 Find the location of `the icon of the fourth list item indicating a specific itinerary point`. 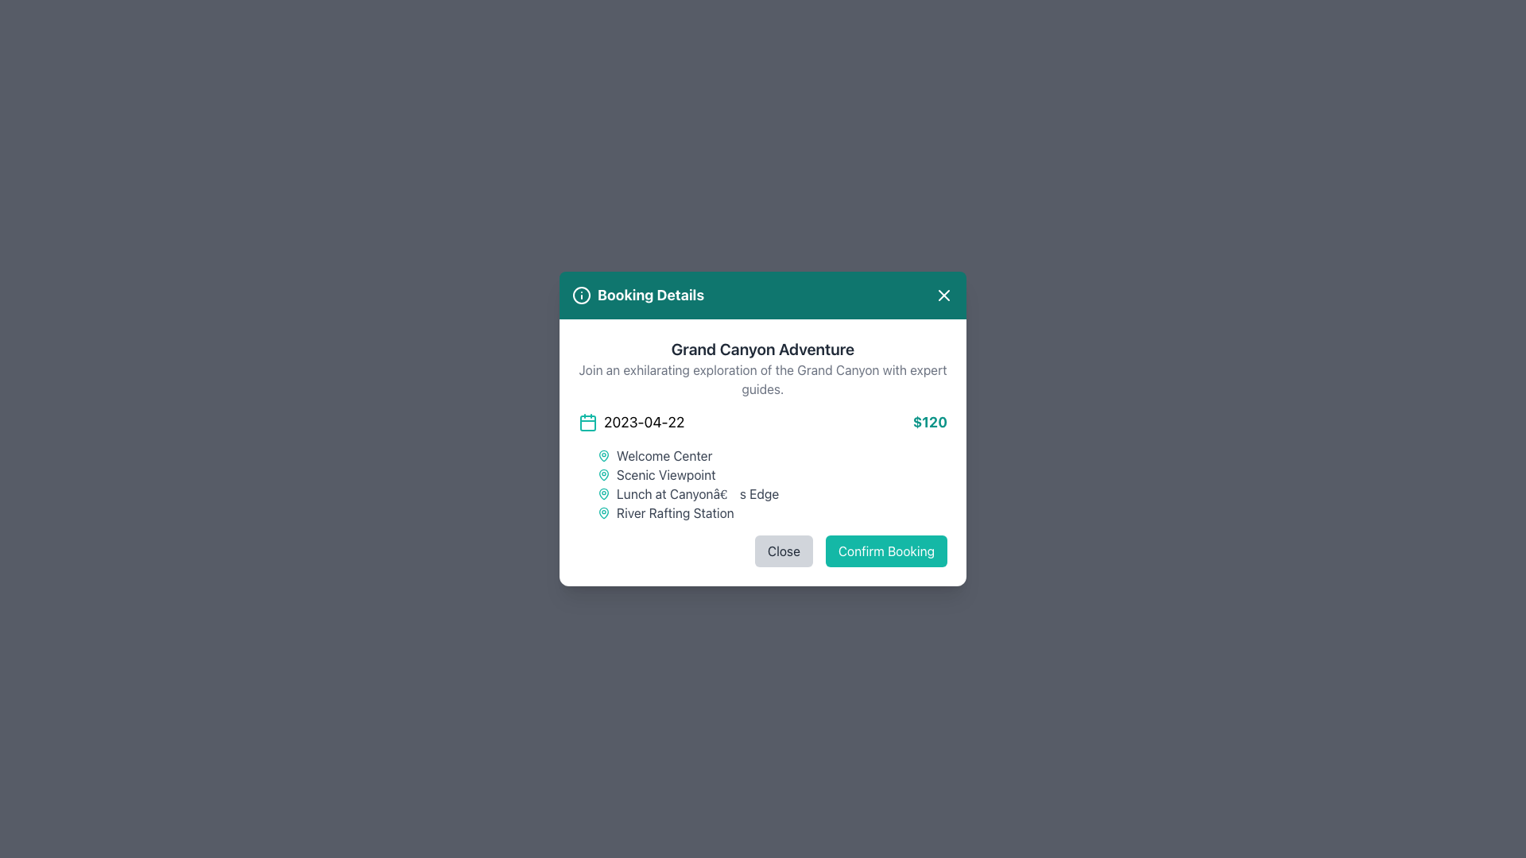

the icon of the fourth list item indicating a specific itinerary point is located at coordinates (772, 512).